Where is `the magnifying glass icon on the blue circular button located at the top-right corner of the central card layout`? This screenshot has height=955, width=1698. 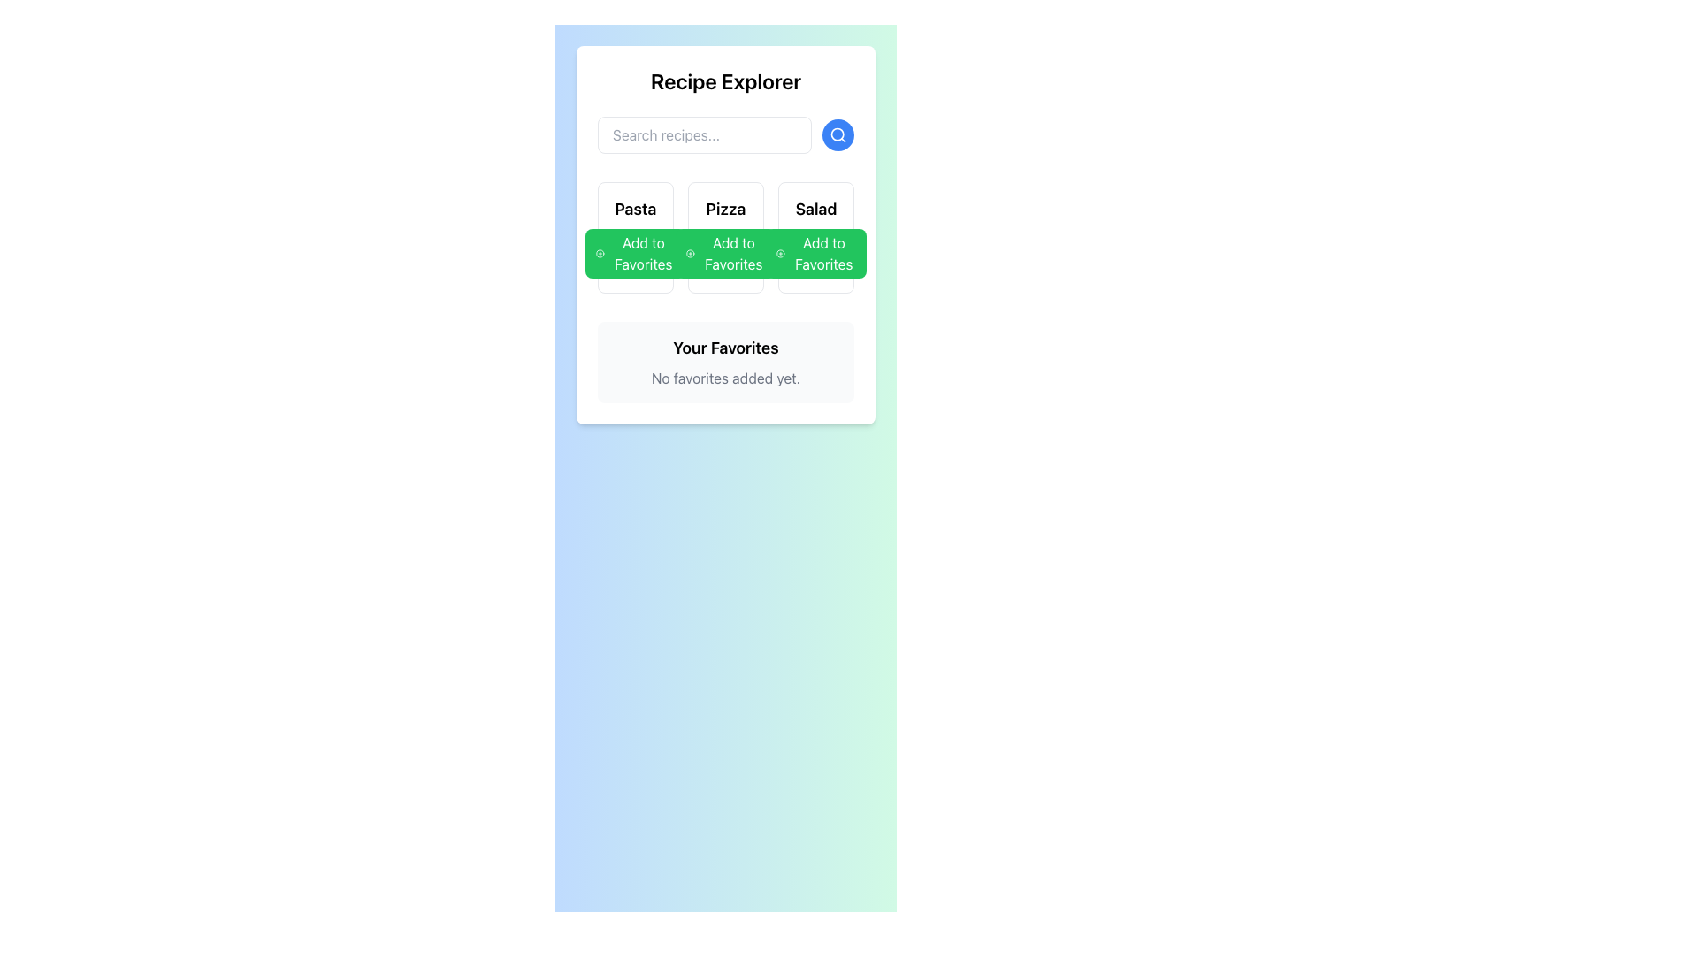 the magnifying glass icon on the blue circular button located at the top-right corner of the central card layout is located at coordinates (838, 134).